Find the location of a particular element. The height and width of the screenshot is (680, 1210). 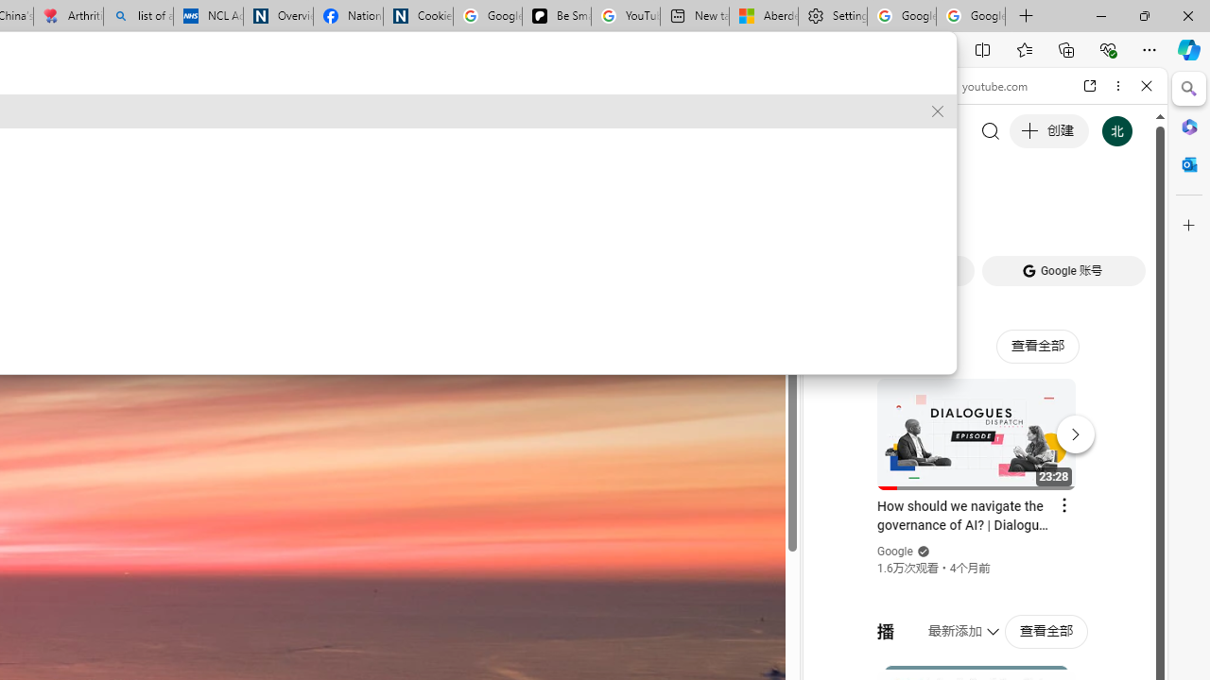

'Settings' is located at coordinates (832, 16).